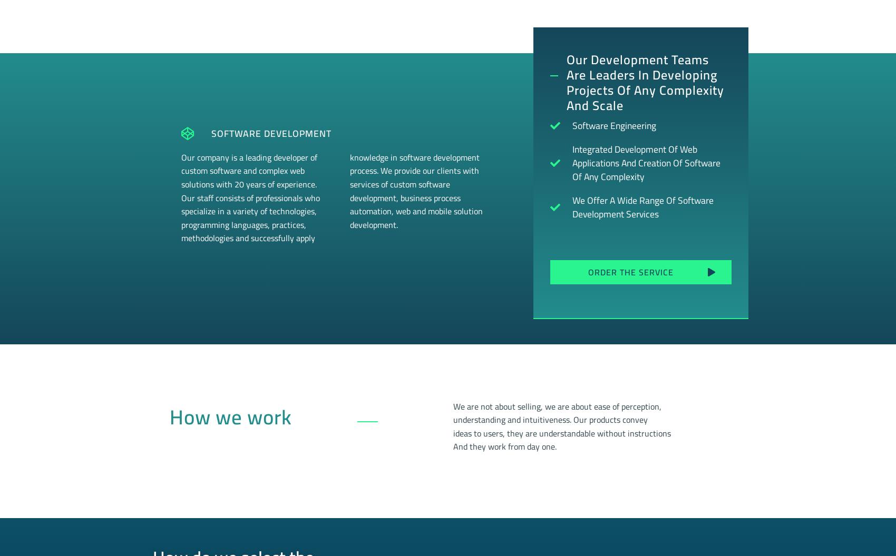  What do you see at coordinates (557, 405) in the screenshot?
I see `'We are not about selling, we are about ease of perception,'` at bounding box center [557, 405].